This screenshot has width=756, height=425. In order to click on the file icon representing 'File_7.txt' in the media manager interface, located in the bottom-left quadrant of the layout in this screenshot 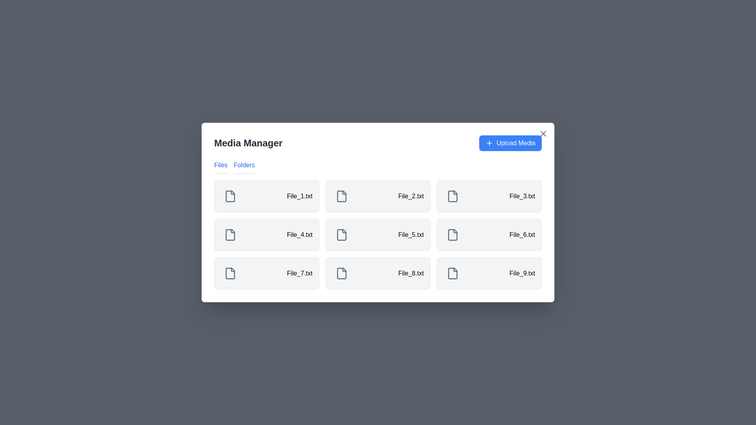, I will do `click(230, 273)`.